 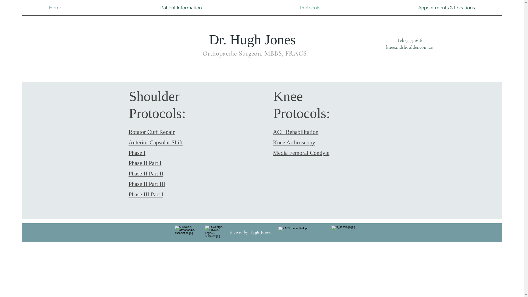 What do you see at coordinates (254, 39) in the screenshot?
I see `'Dr. Hugh Jones '` at bounding box center [254, 39].